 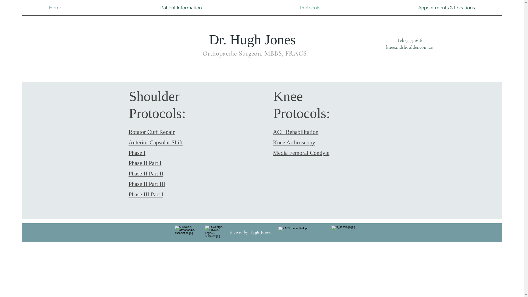 What do you see at coordinates (254, 39) in the screenshot?
I see `'Dr. Hugh Jones '` at bounding box center [254, 39].